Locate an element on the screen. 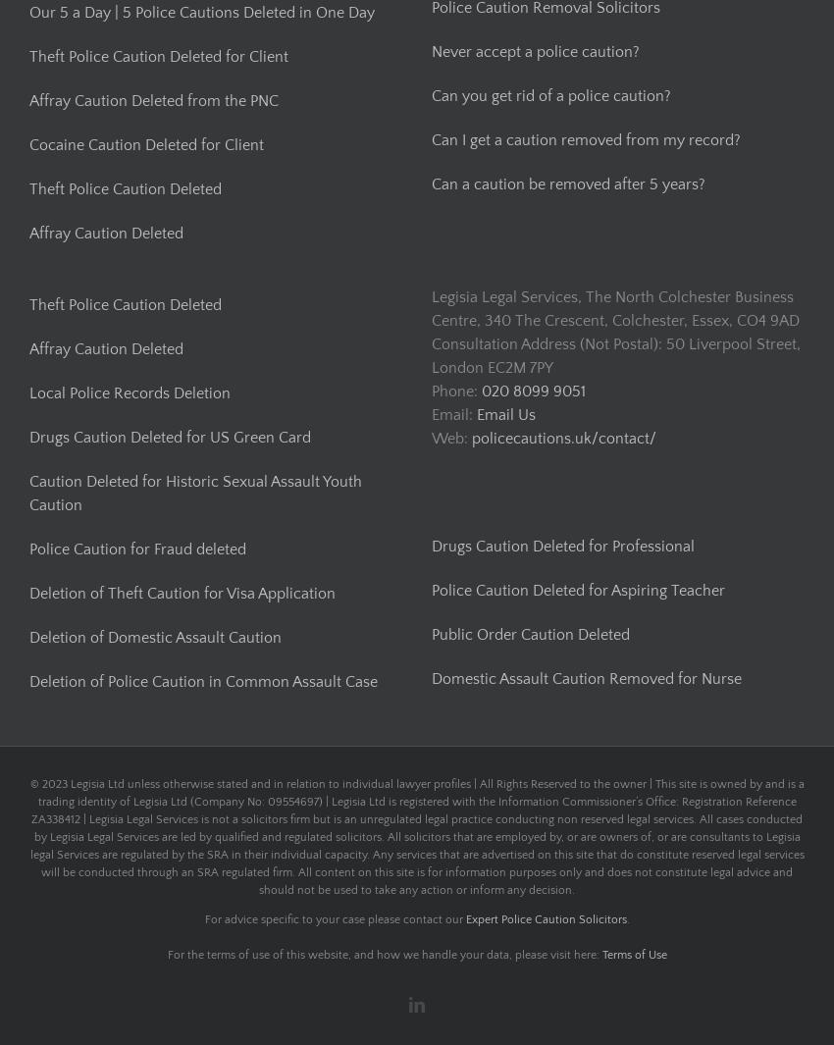 The height and width of the screenshot is (1045, 834). 'Can you get rid of a police caution?' is located at coordinates (551, 94).